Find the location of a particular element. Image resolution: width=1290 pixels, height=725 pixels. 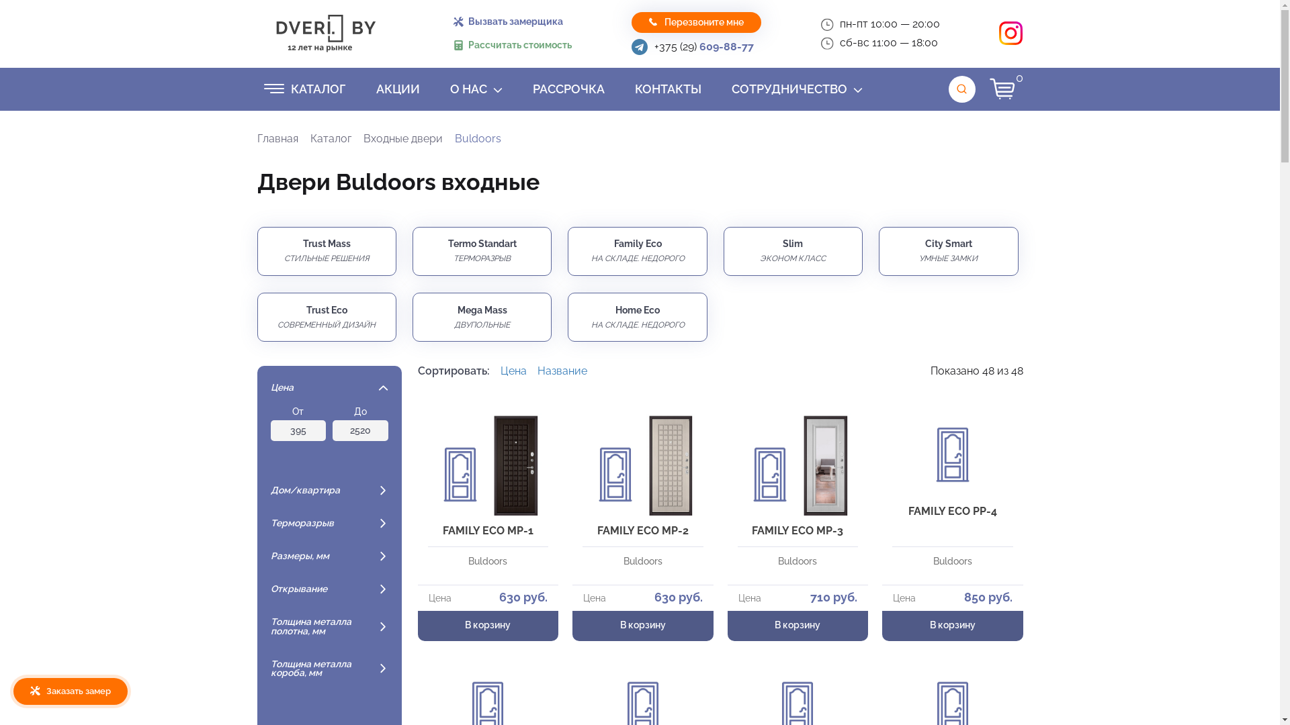

'FAMILY ECO PP-4' is located at coordinates (951, 479).